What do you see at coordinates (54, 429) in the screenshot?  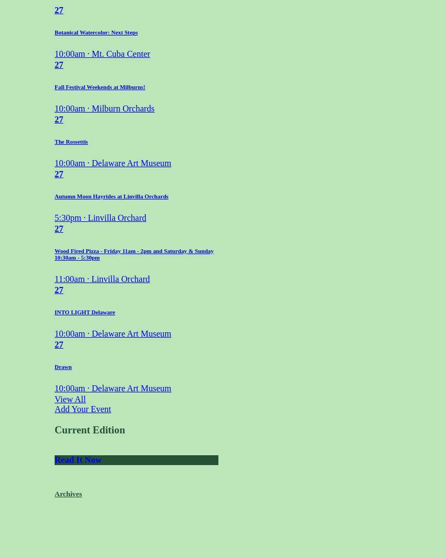 I see `'Current Edition'` at bounding box center [54, 429].